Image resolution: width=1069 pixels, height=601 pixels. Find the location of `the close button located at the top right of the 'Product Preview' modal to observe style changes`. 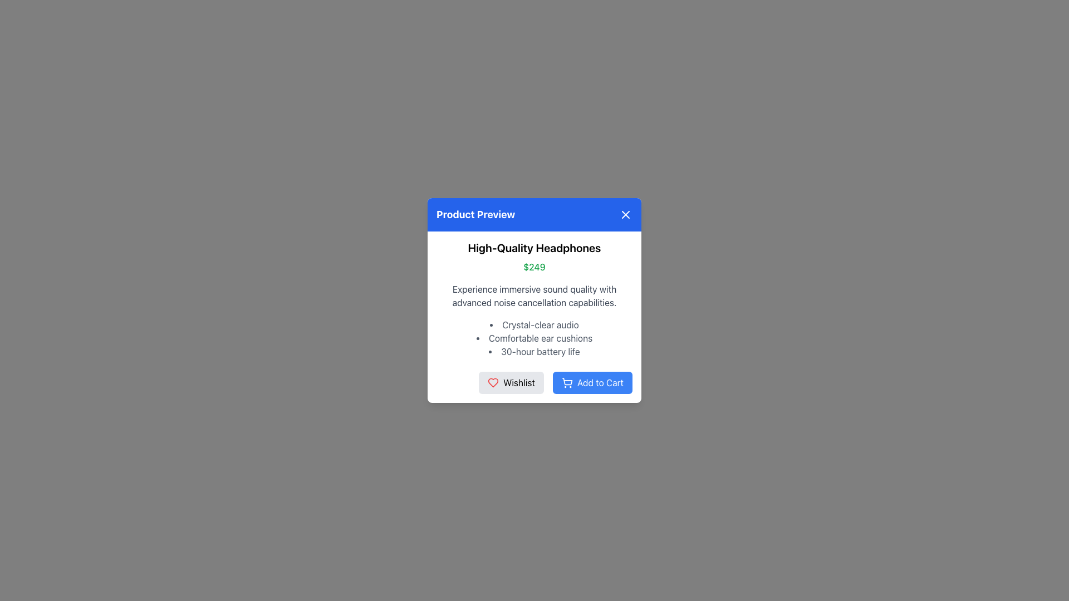

the close button located at the top right of the 'Product Preview' modal to observe style changes is located at coordinates (625, 214).